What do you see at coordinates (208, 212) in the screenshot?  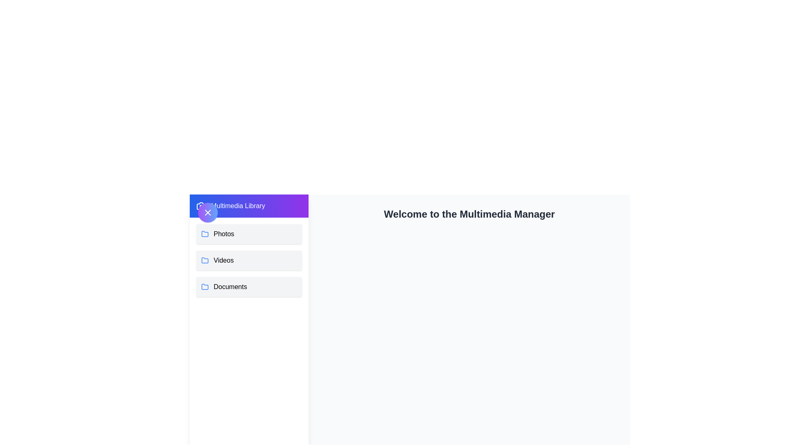 I see `the toggle button in the top-left corner to toggle the drawer state` at bounding box center [208, 212].